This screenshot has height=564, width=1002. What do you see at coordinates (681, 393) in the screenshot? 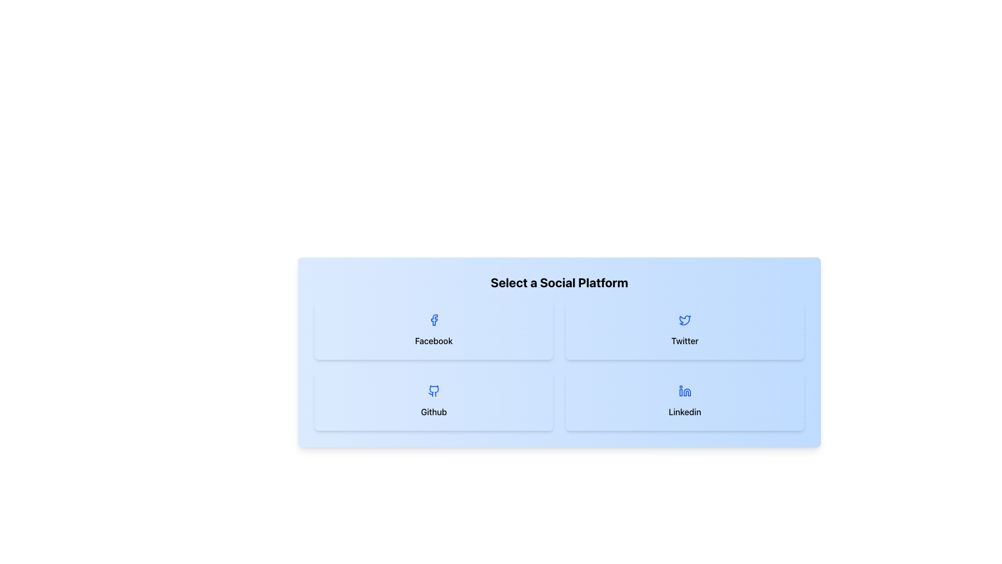
I see `the LinkedIn logo icon located in the bottom-right quadrant of the four-icon grid, positioned below the dot of the 'i' and adjacent to the 'n'` at bounding box center [681, 393].